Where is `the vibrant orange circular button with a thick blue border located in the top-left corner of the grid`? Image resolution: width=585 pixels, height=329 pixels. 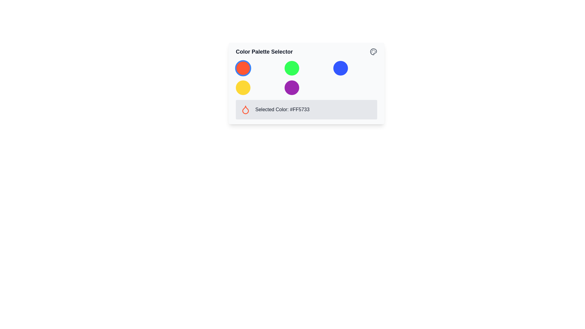 the vibrant orange circular button with a thick blue border located in the top-left corner of the grid is located at coordinates (243, 68).